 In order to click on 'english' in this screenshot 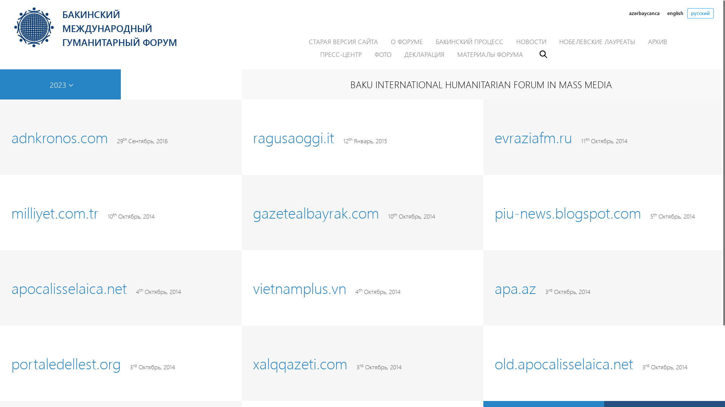, I will do `click(675, 13)`.